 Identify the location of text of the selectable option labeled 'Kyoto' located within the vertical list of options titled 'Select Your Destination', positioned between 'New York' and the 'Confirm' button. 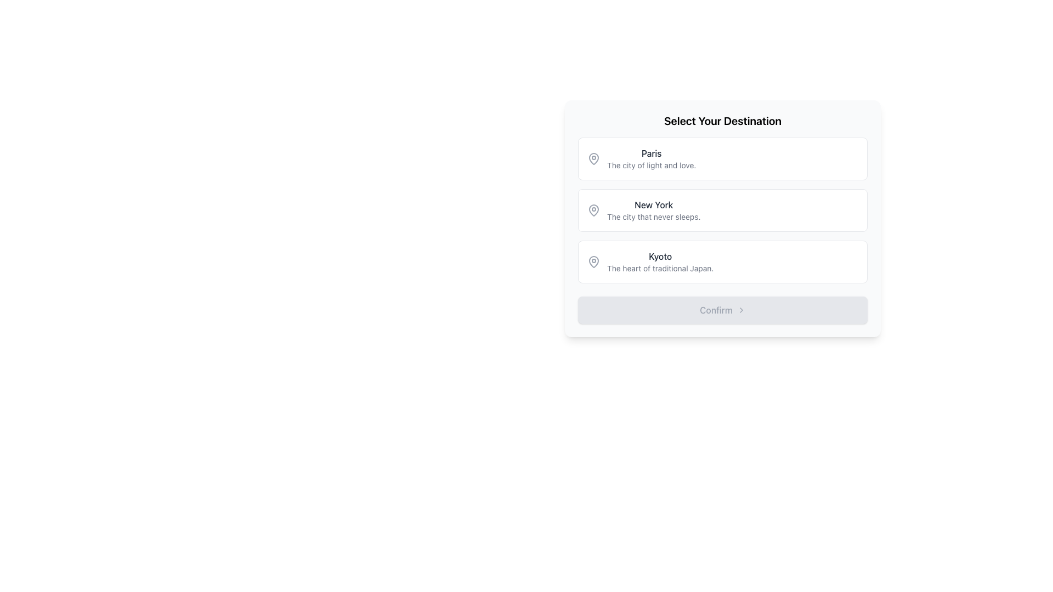
(660, 262).